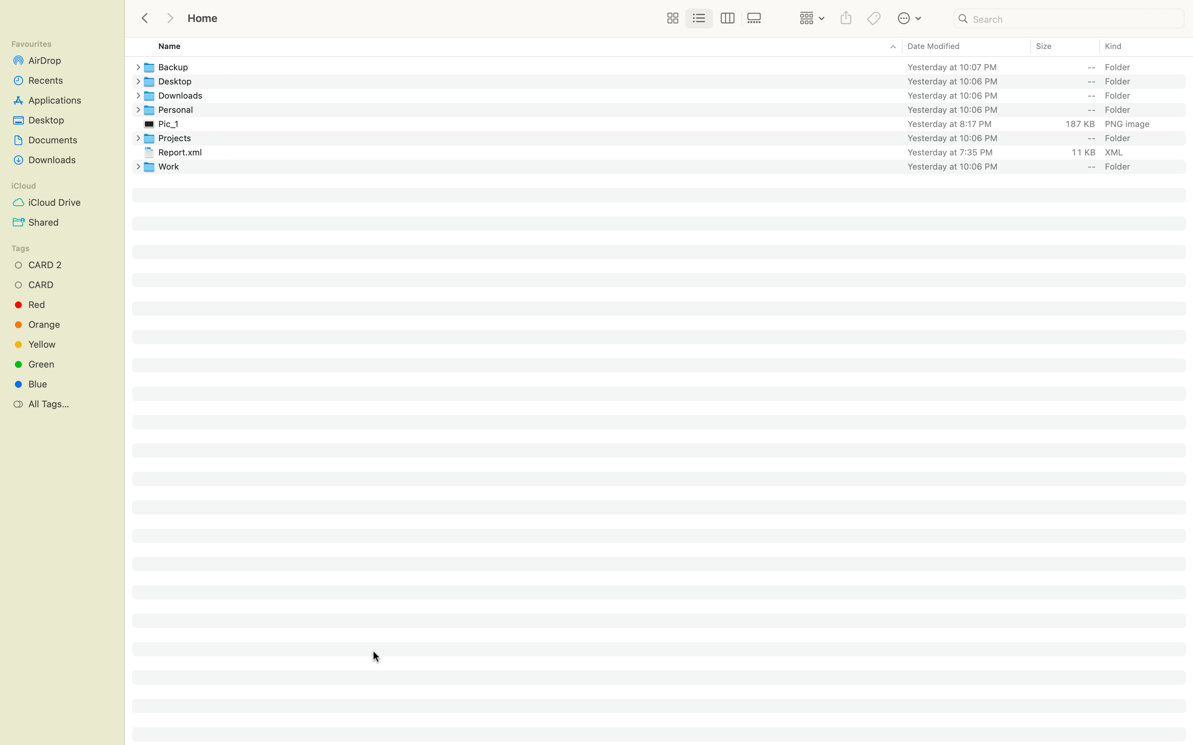  I want to click on the Downloads folder and then go back to the previous folder, so click(668, 94).